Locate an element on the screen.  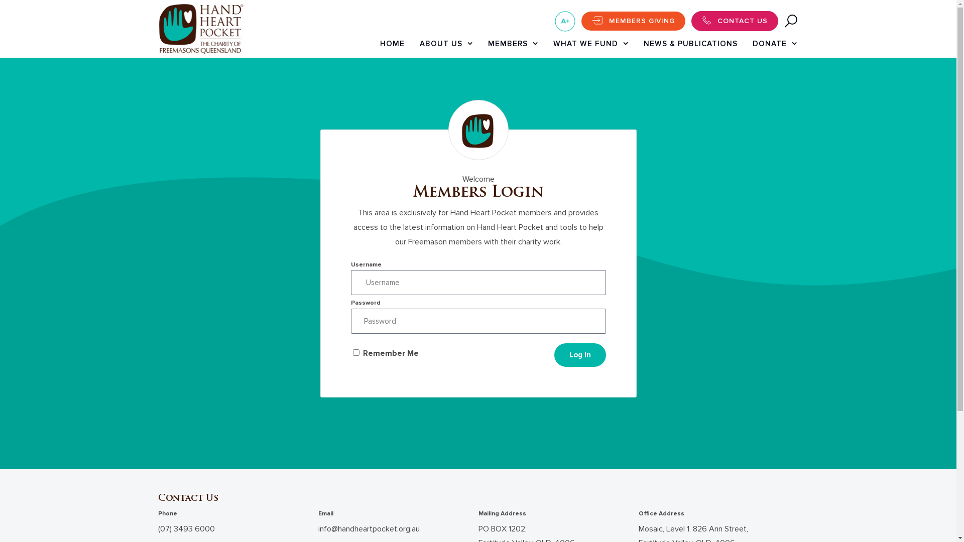
'ABOUT US' is located at coordinates (445, 46).